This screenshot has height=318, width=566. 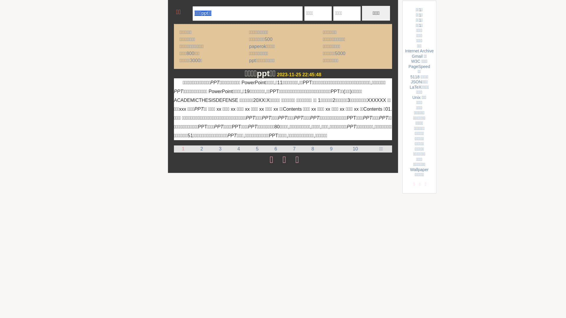 What do you see at coordinates (257, 148) in the screenshot?
I see `'5'` at bounding box center [257, 148].